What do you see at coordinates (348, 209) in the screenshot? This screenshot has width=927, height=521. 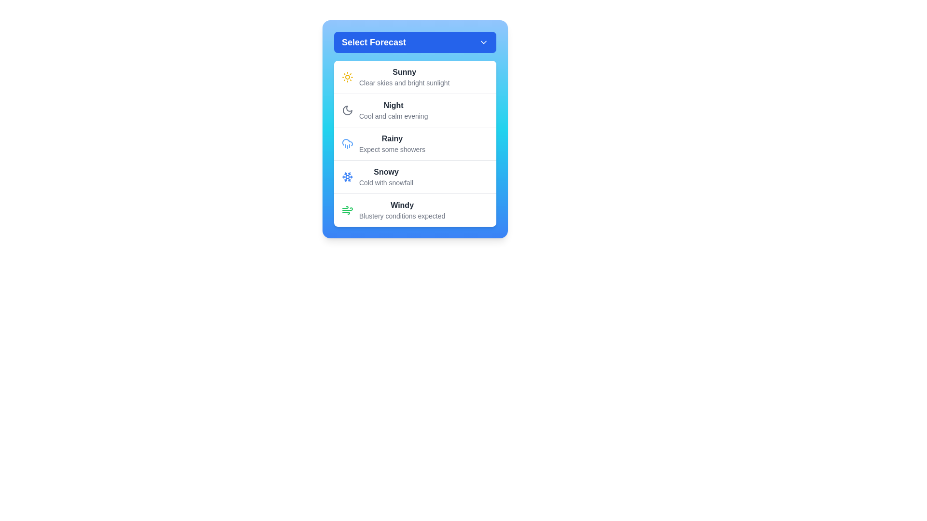 I see `the windy forecast icon located before the text describing windy conditions, which visually represents wind` at bounding box center [348, 209].